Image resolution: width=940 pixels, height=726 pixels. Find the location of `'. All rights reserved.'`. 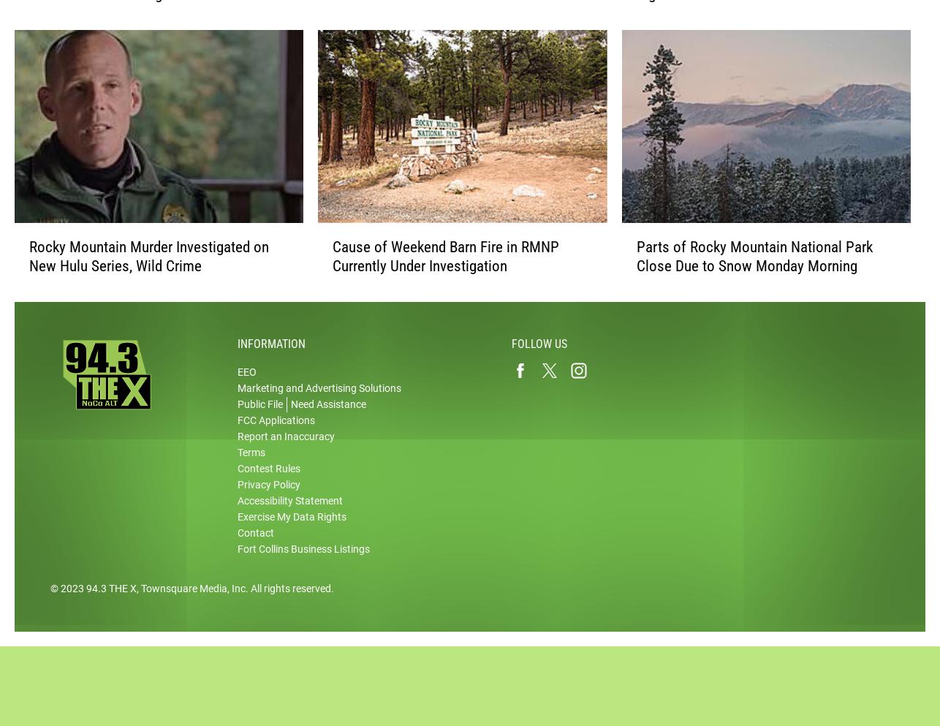

'. All rights reserved.' is located at coordinates (289, 603).